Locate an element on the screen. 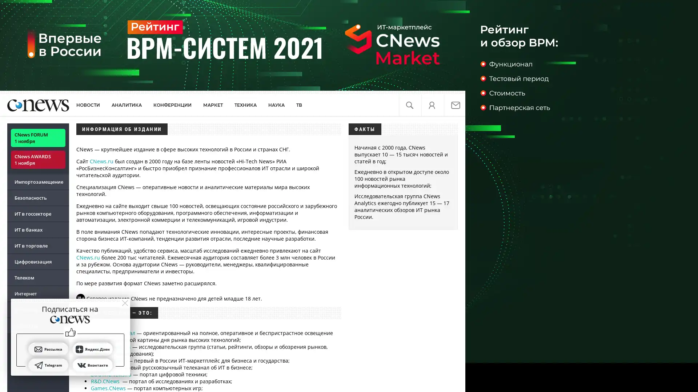 This screenshot has width=698, height=392. close is located at coordinates (125, 303).